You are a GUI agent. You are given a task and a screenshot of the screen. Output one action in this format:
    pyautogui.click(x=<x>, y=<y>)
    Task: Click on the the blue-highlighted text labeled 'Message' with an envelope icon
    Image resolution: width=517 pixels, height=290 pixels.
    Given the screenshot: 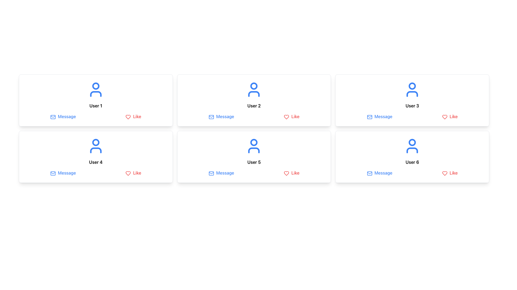 What is the action you would take?
    pyautogui.click(x=379, y=116)
    